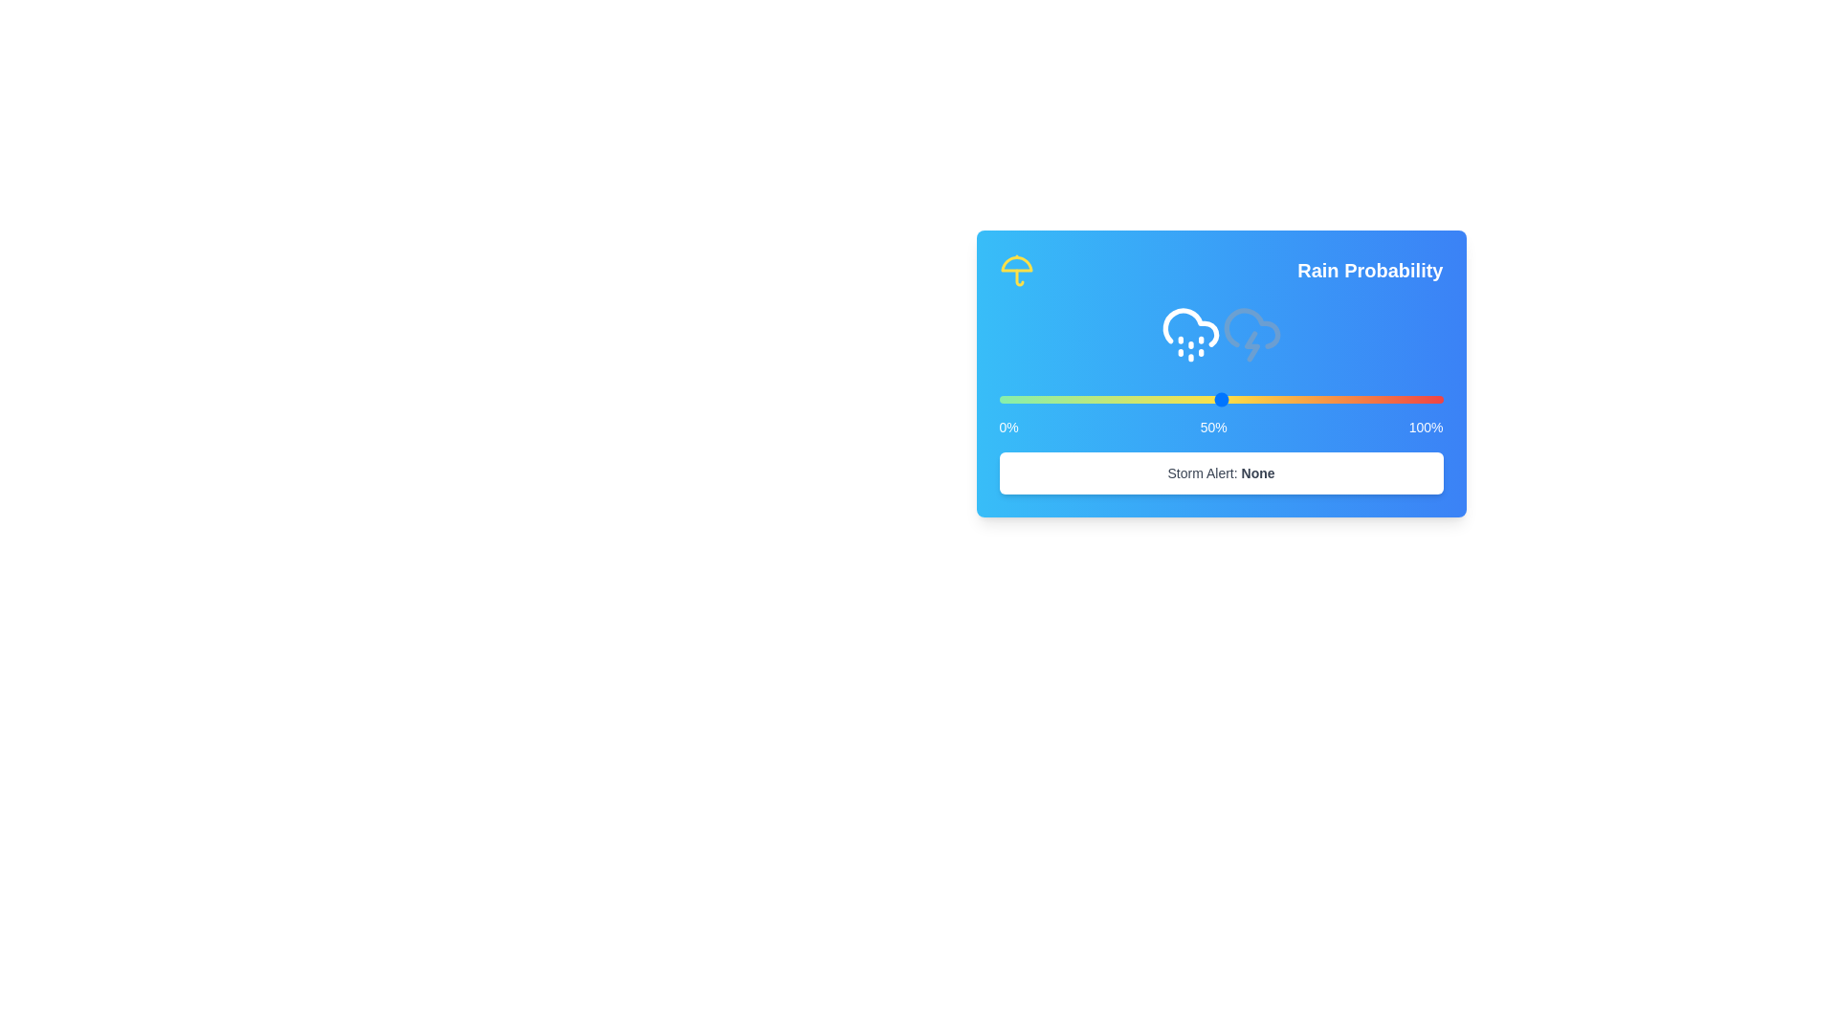 The width and height of the screenshot is (1837, 1033). I want to click on the drizzling cloud icon to interact with it, so click(1189, 332).